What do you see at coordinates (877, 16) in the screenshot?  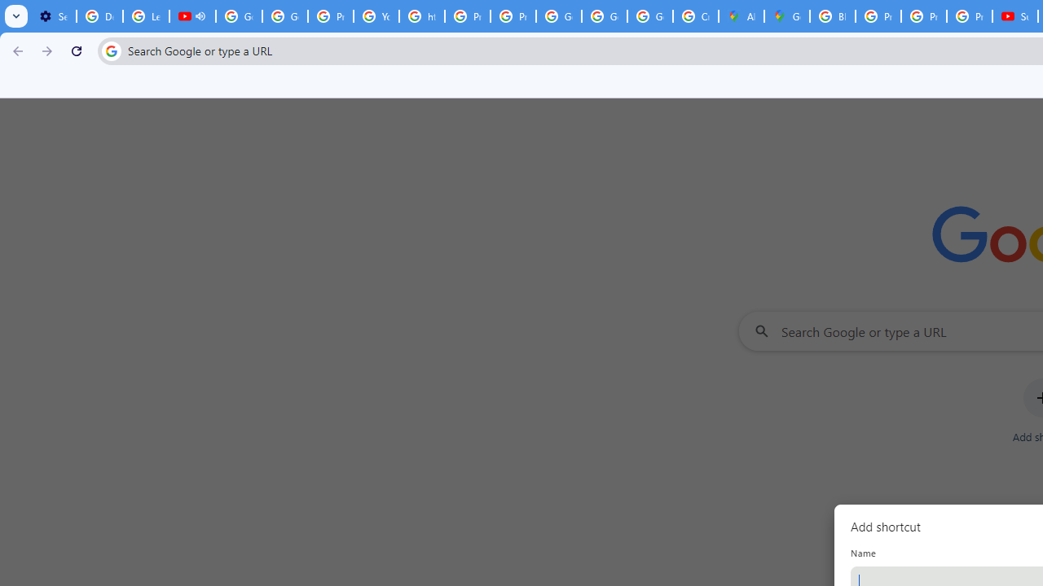 I see `'Privacy Help Center - Policies Help'` at bounding box center [877, 16].